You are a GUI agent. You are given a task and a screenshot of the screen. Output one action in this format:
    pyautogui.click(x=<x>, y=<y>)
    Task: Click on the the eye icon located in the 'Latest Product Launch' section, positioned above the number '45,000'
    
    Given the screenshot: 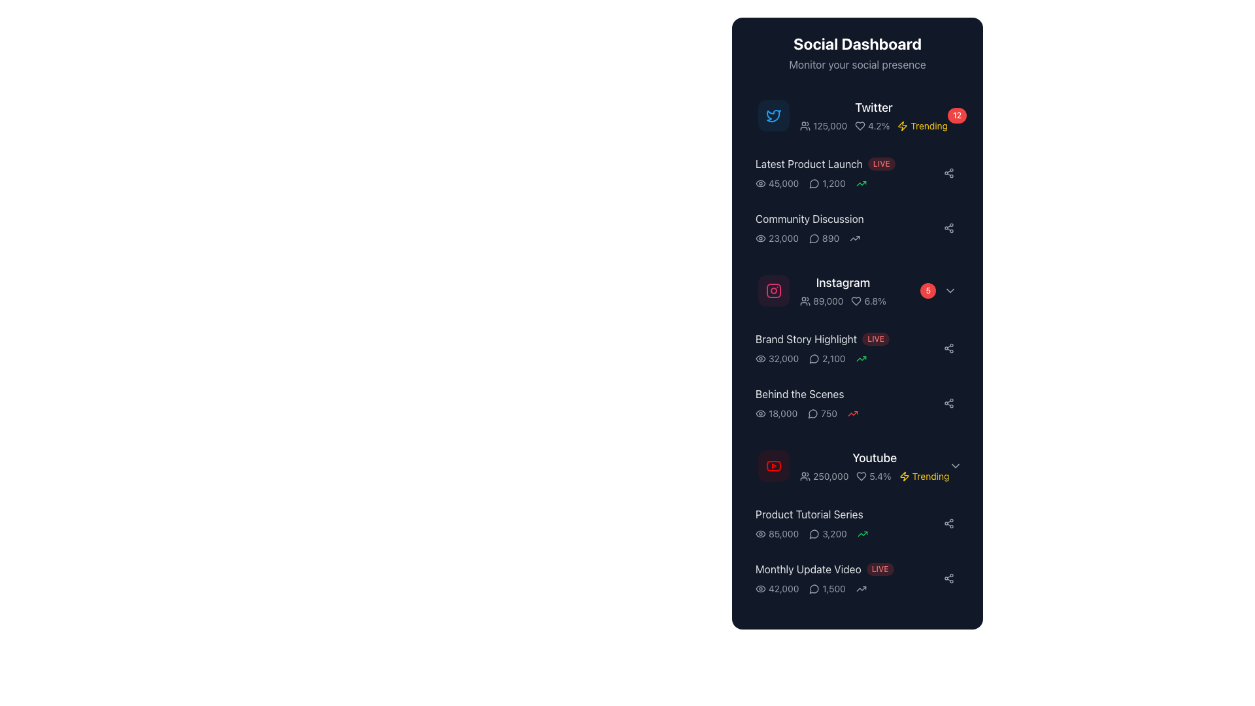 What is the action you would take?
    pyautogui.click(x=760, y=184)
    